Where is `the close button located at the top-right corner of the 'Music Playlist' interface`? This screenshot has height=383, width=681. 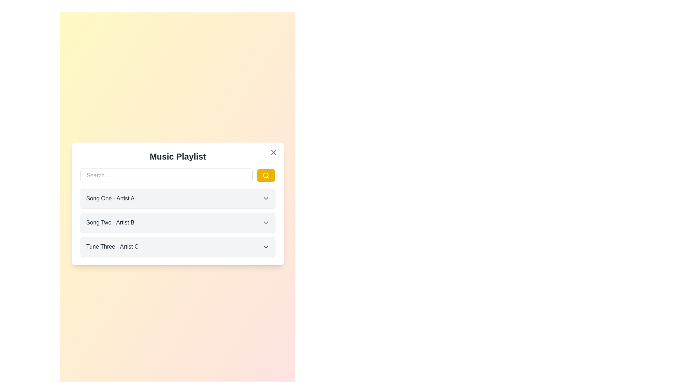
the close button located at the top-right corner of the 'Music Playlist' interface is located at coordinates (273, 152).